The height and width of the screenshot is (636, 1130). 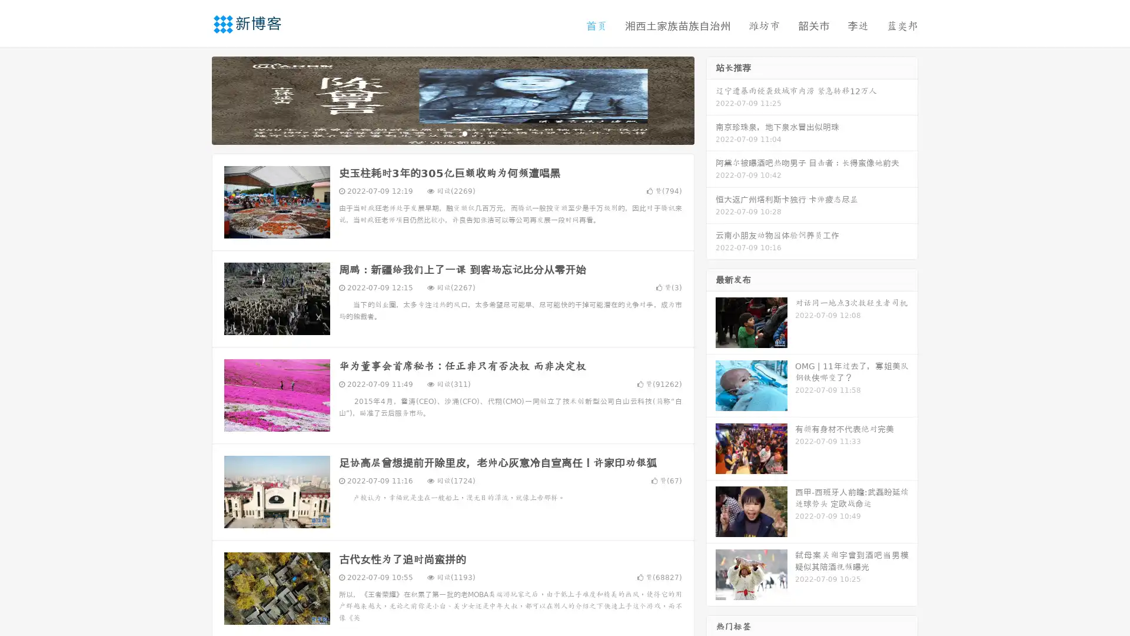 I want to click on Next slide, so click(x=711, y=99).